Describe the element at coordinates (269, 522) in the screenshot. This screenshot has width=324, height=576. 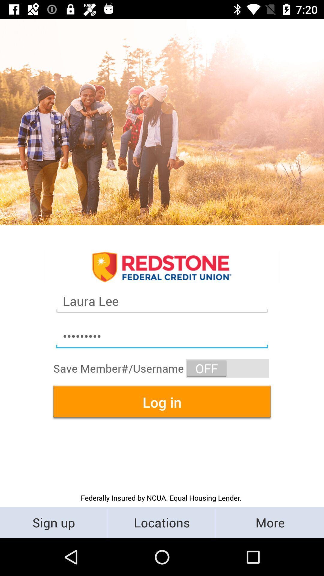
I see `the more at the bottom right corner` at that location.